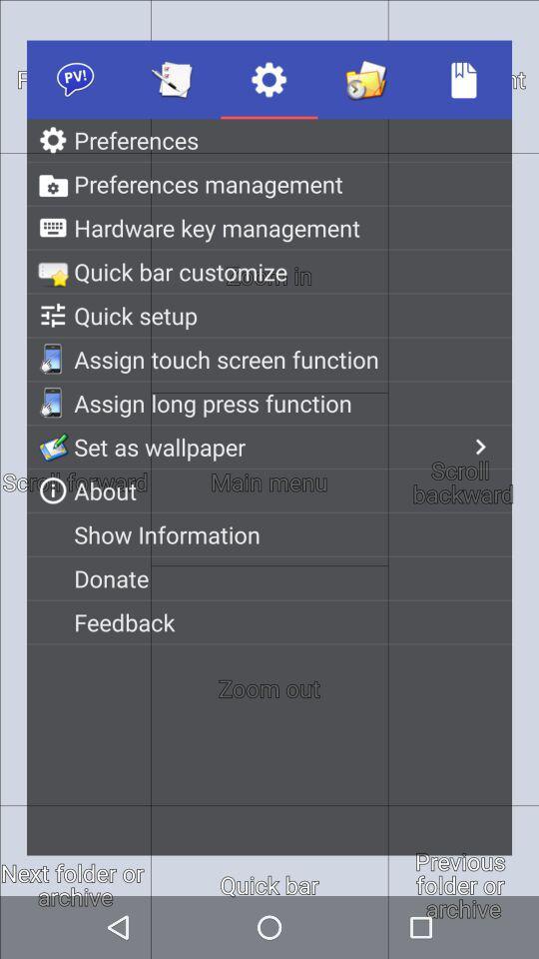 The height and width of the screenshot is (959, 539). What do you see at coordinates (53, 489) in the screenshot?
I see `the icon beside the text about` at bounding box center [53, 489].